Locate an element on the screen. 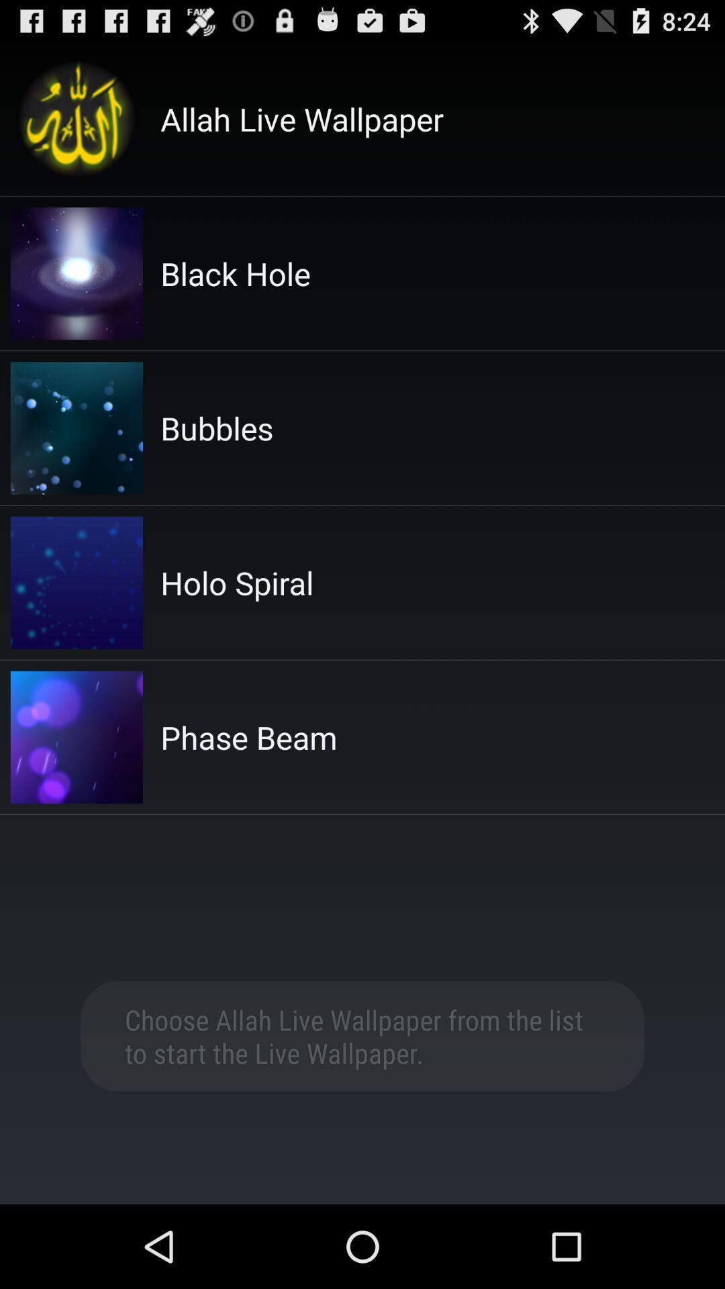  the app below holo spiral item is located at coordinates (248, 736).